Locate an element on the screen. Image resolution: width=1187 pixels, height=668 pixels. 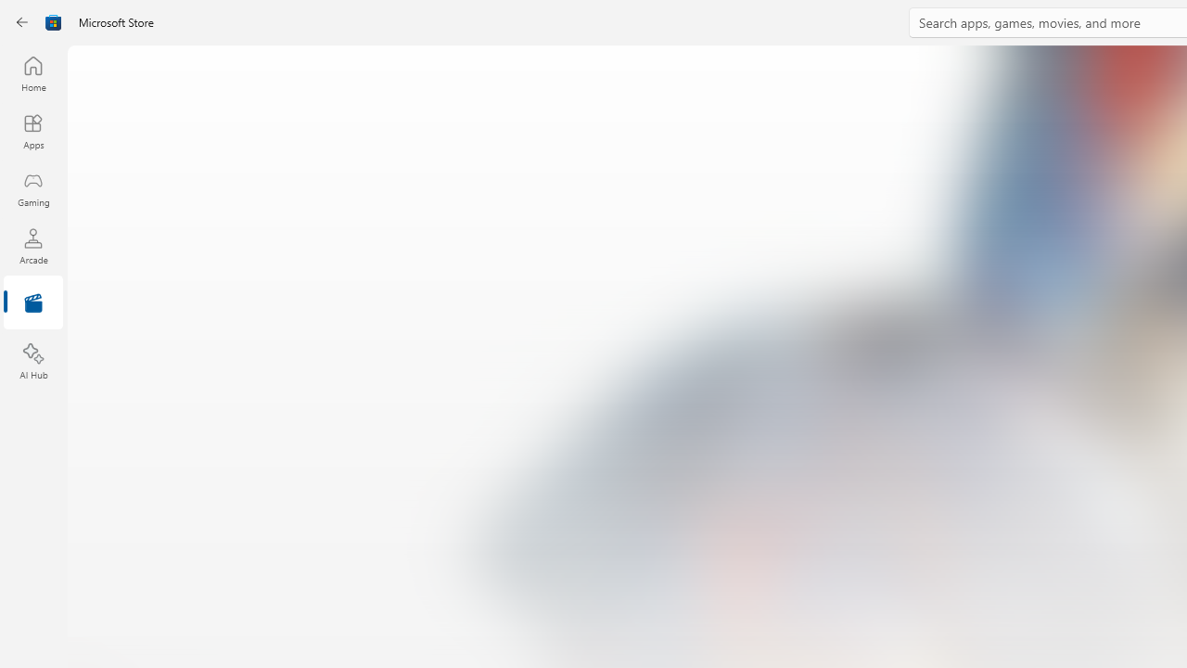
'Back' is located at coordinates (22, 22).